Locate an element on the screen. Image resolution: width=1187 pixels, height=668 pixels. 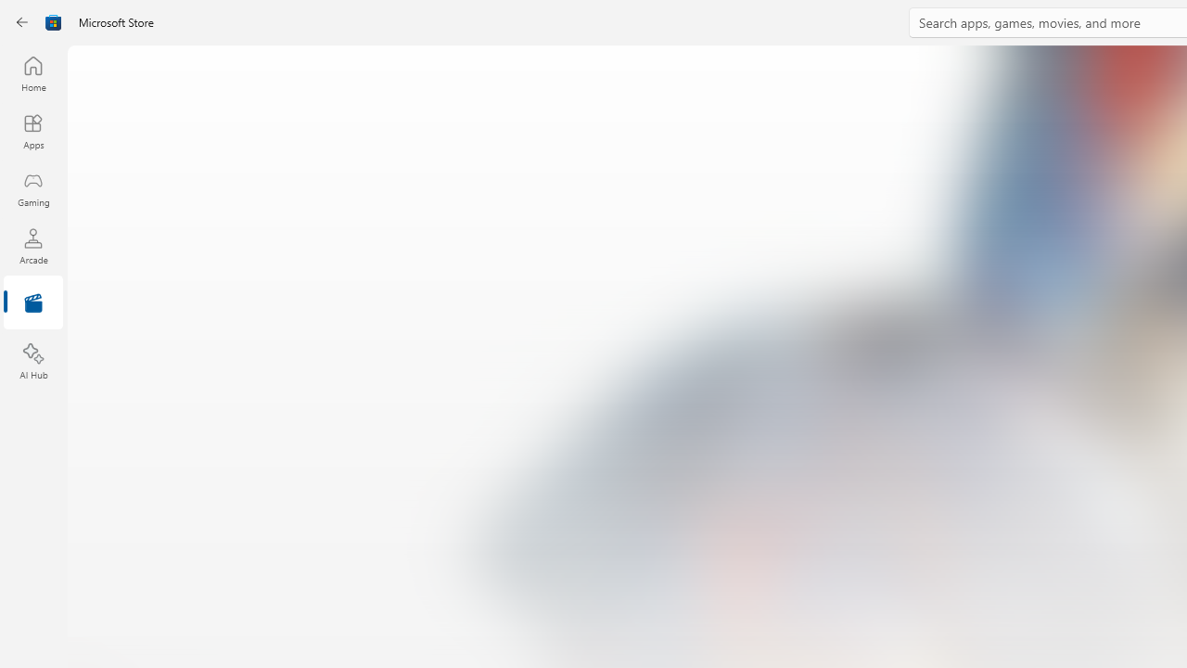
'Back' is located at coordinates (22, 22).